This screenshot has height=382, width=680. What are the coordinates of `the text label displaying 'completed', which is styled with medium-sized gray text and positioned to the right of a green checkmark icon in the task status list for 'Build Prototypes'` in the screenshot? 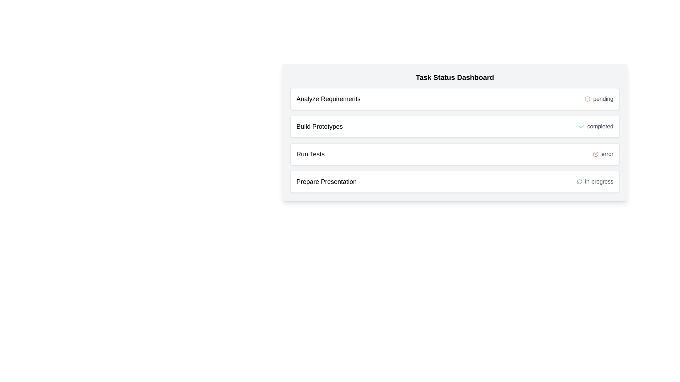 It's located at (600, 126).